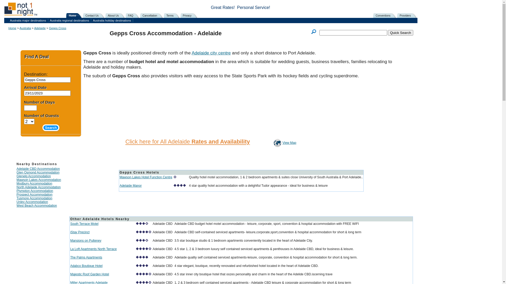 This screenshot has height=284, width=506. What do you see at coordinates (172, 15) in the screenshot?
I see `'Terms'` at bounding box center [172, 15].